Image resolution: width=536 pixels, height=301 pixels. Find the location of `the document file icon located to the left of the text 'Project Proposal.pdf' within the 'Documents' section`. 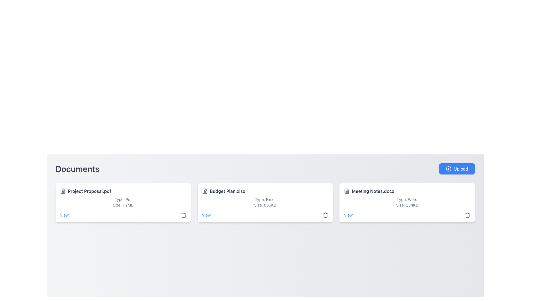

the document file icon located to the left of the text 'Project Proposal.pdf' within the 'Documents' section is located at coordinates (63, 191).